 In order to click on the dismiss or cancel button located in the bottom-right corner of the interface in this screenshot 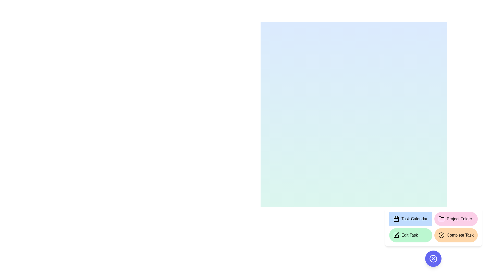, I will do `click(433, 258)`.